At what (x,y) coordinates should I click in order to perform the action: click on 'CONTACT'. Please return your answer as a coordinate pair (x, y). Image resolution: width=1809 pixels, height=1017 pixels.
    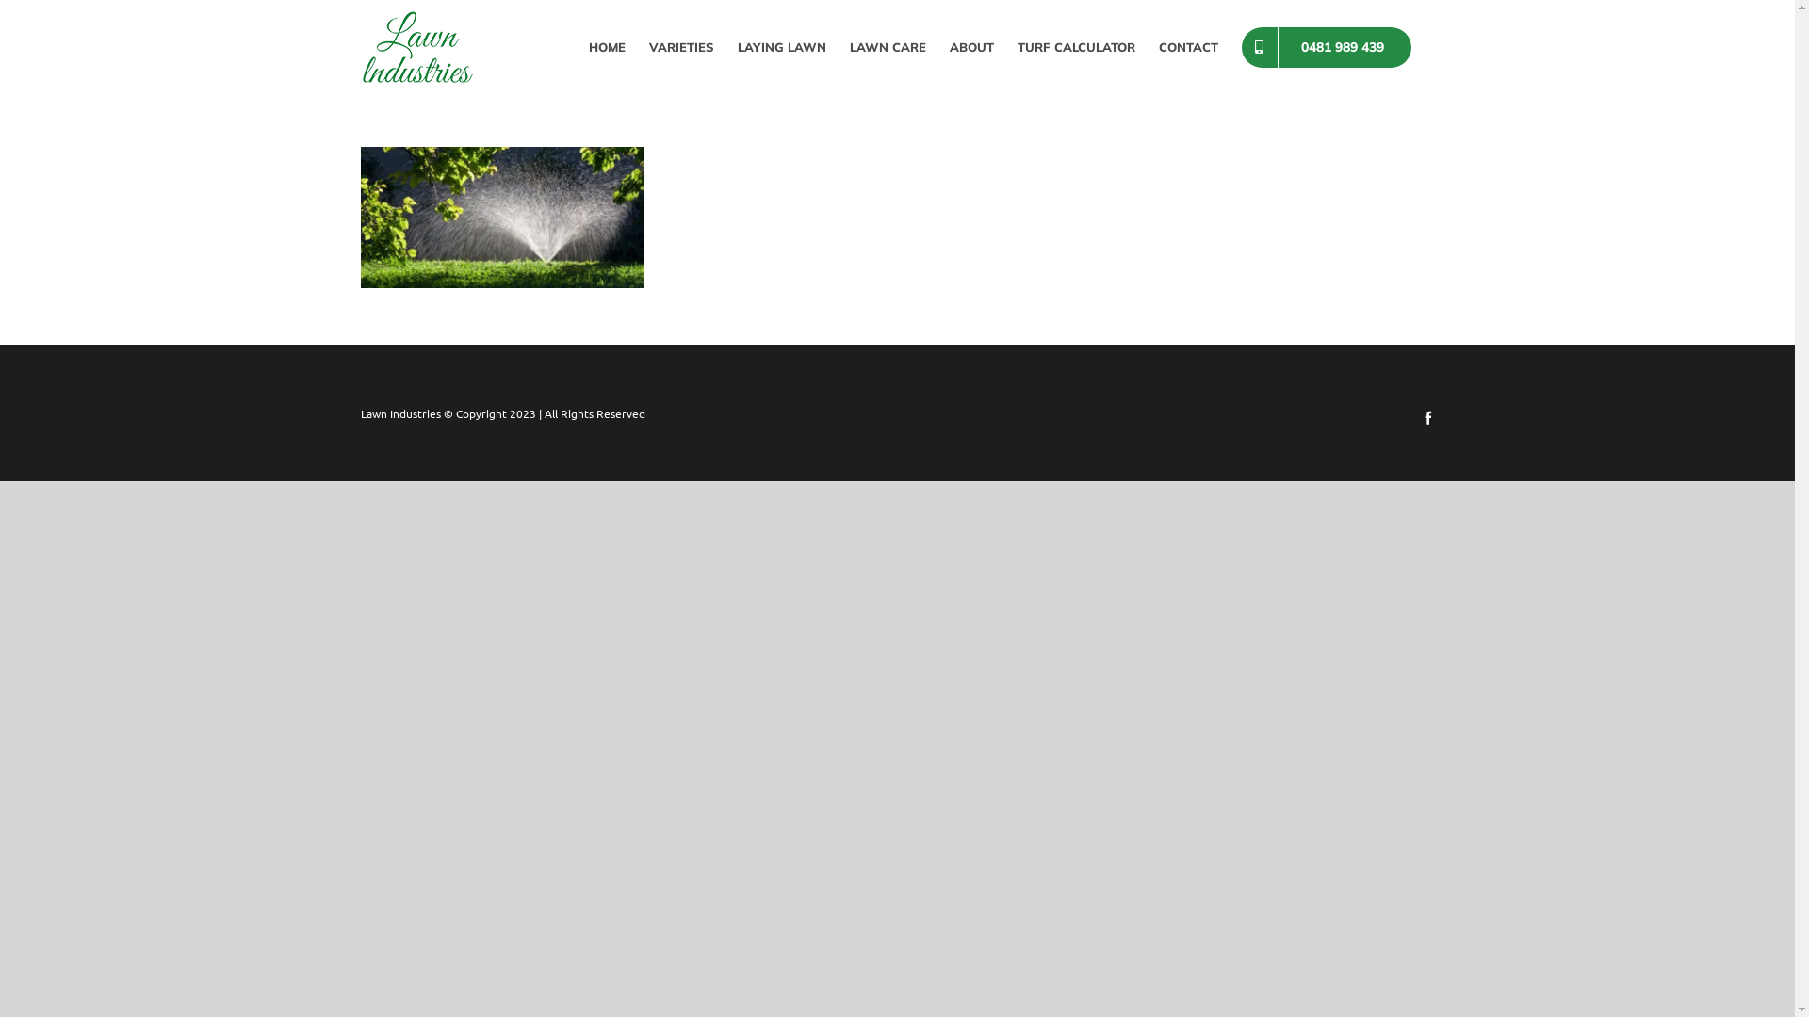
    Looking at the image, I should click on (1187, 46).